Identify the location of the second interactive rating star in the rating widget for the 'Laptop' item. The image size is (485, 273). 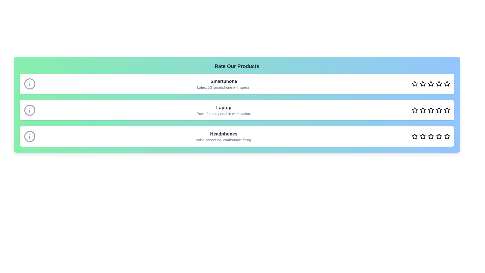
(423, 110).